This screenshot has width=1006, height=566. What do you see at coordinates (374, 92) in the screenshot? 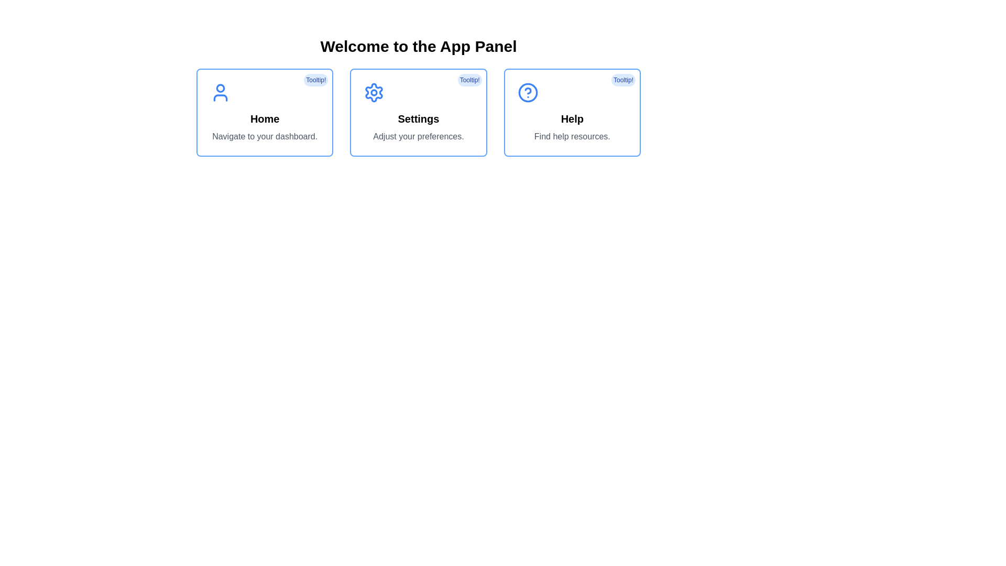
I see `the settings icon located at the center of the 'Settings' card` at bounding box center [374, 92].